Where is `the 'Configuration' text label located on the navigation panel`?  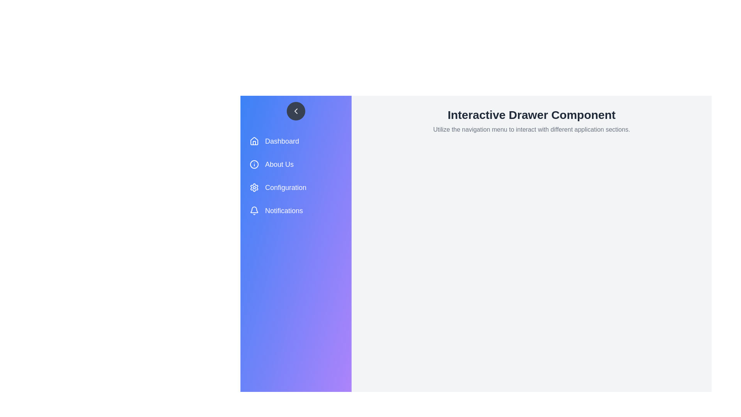
the 'Configuration' text label located on the navigation panel is located at coordinates (285, 188).